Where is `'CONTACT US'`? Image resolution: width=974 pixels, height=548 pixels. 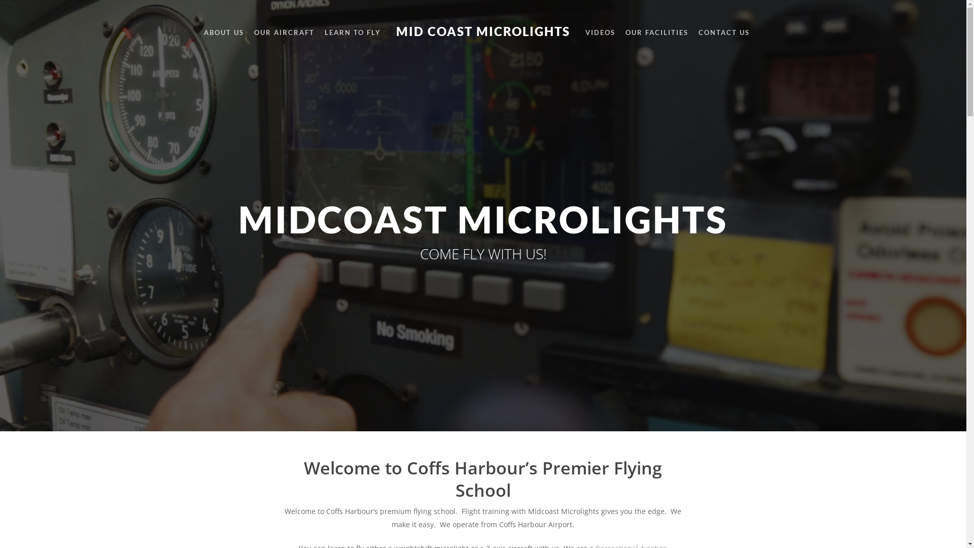 'CONTACT US' is located at coordinates (698, 32).